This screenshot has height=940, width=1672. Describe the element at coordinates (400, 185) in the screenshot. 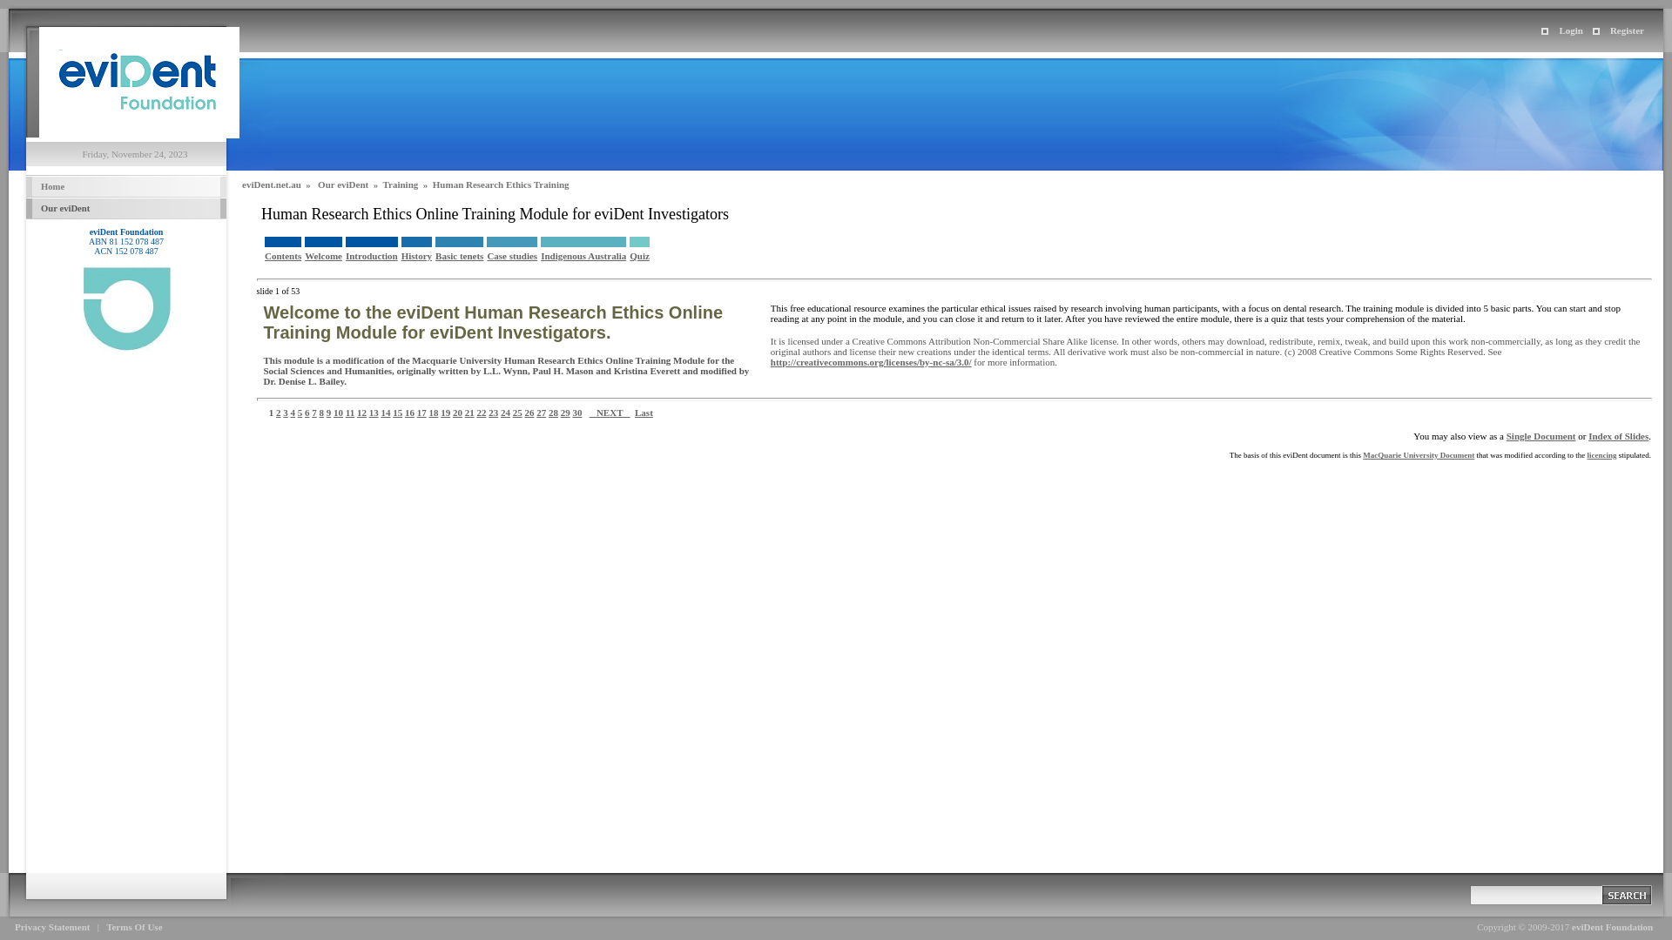

I see `'Training'` at that location.